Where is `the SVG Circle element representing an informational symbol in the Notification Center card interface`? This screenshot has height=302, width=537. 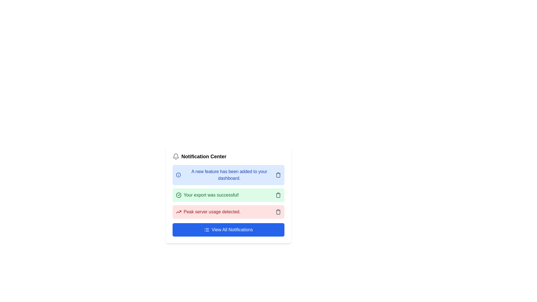 the SVG Circle element representing an informational symbol in the Notification Center card interface is located at coordinates (178, 174).